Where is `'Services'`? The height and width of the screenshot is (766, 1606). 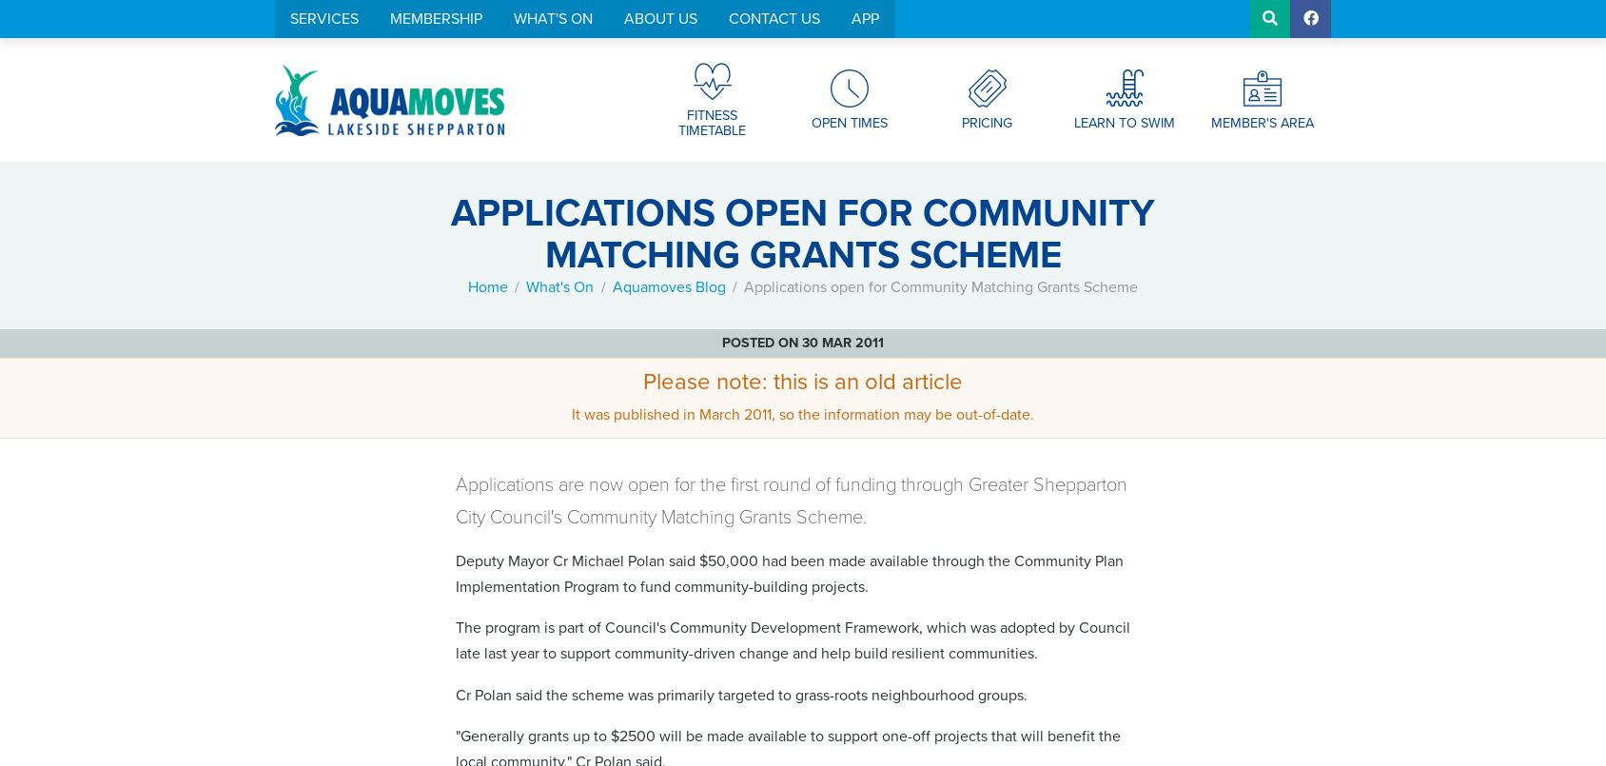 'Services' is located at coordinates (323, 18).